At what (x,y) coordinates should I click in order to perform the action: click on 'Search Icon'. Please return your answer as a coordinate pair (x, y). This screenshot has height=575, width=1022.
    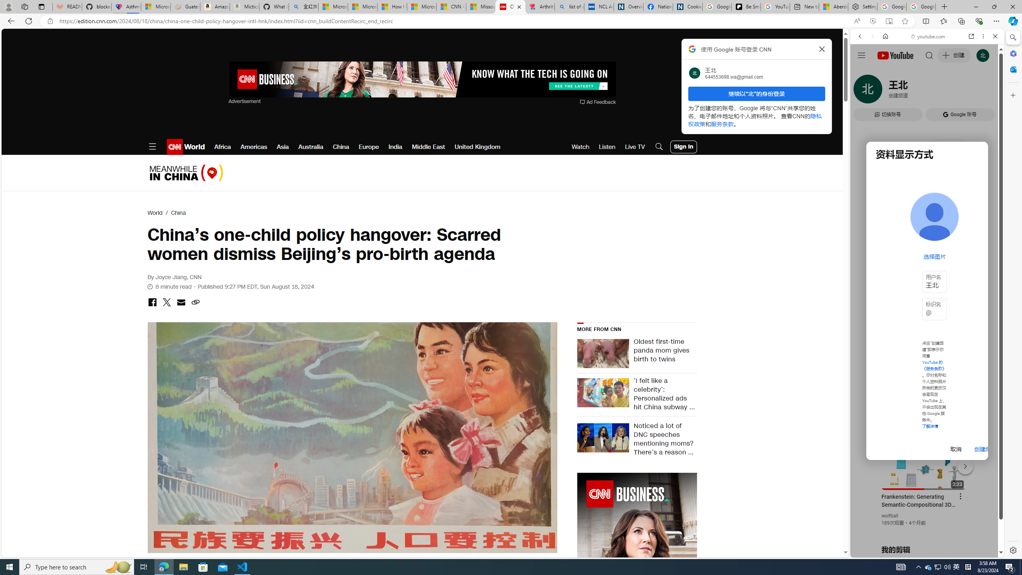
    Looking at the image, I should click on (659, 147).